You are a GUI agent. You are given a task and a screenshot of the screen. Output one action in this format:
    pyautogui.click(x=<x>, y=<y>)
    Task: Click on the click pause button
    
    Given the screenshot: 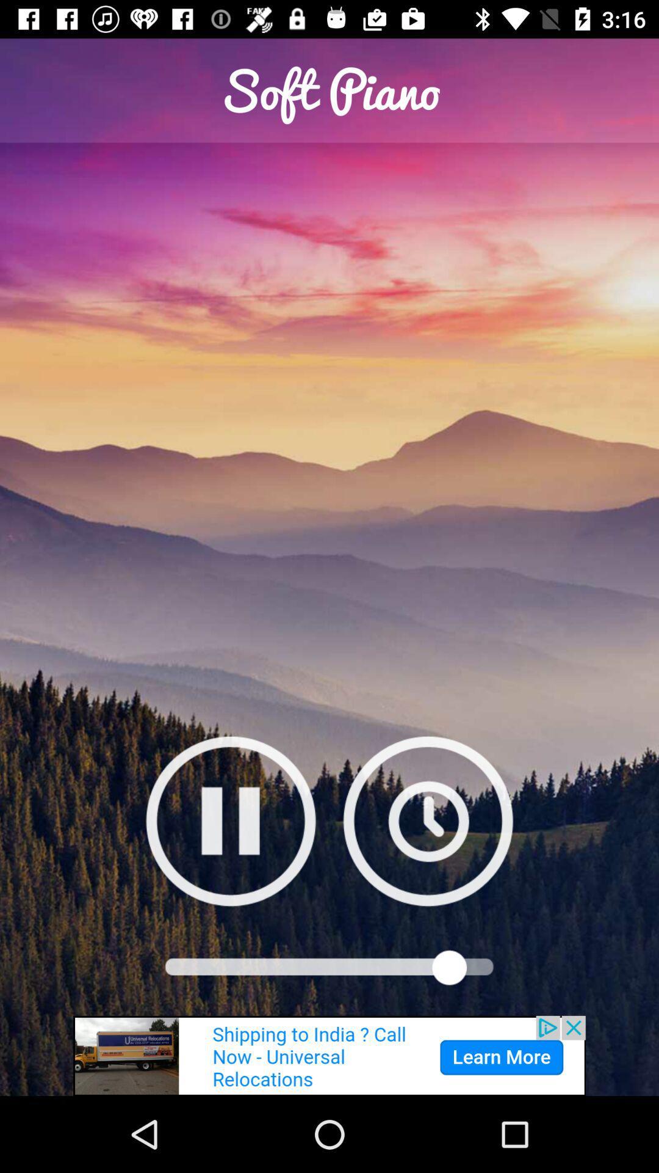 What is the action you would take?
    pyautogui.click(x=231, y=820)
    